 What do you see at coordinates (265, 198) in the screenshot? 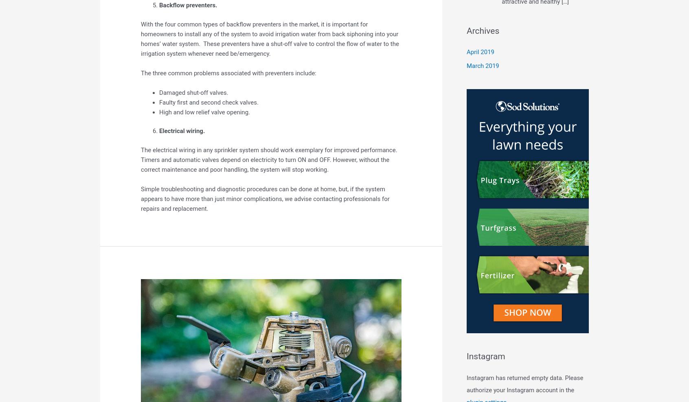
I see `'Simple troubleshooting and diagnostic procedures can be done at home, but, if the system appears to have more than just minor complications, we advise contacting professionals for repairs and replacement.'` at bounding box center [265, 198].